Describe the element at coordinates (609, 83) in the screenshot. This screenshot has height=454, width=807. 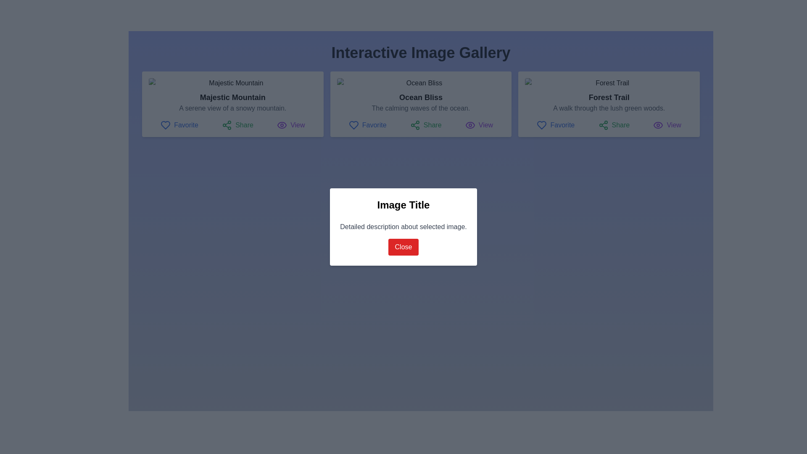
I see `the image representing 'Forest Trail' located in the upper section of the rightmost card, which enhances the card's aesthetic appeal and aids in content recognition` at that location.